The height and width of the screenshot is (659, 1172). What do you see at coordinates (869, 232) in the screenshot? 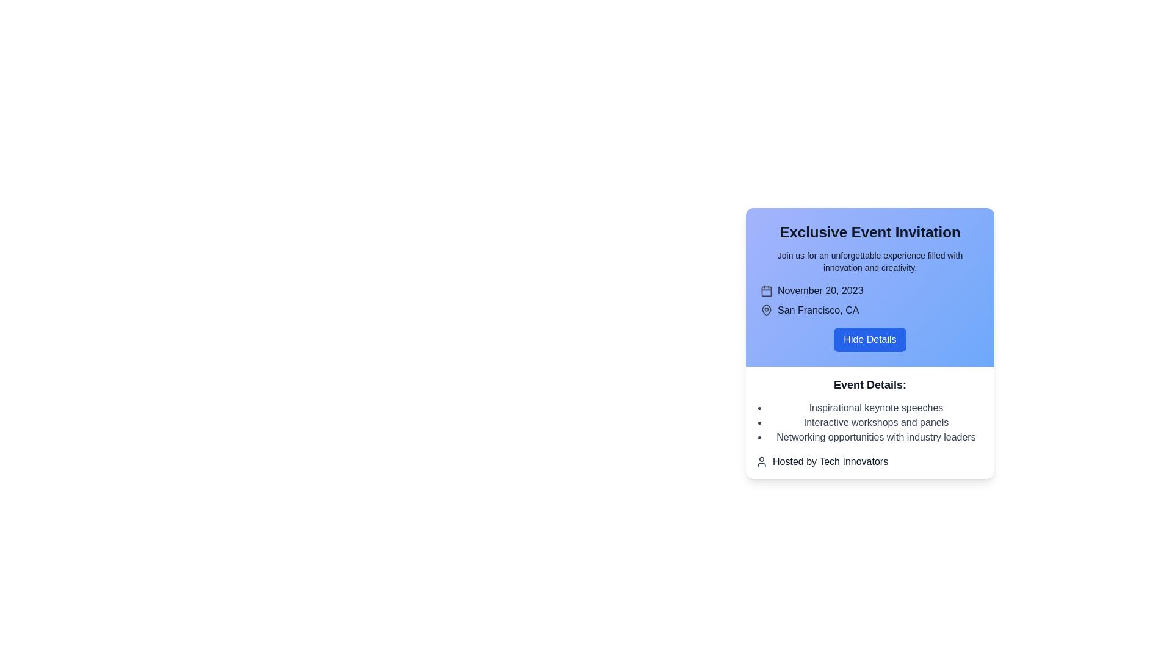
I see `the bold, large 'Exclusive Event Invitation' text element at the top of the card component, which is styled to grab attention on a light-blue background` at bounding box center [869, 232].